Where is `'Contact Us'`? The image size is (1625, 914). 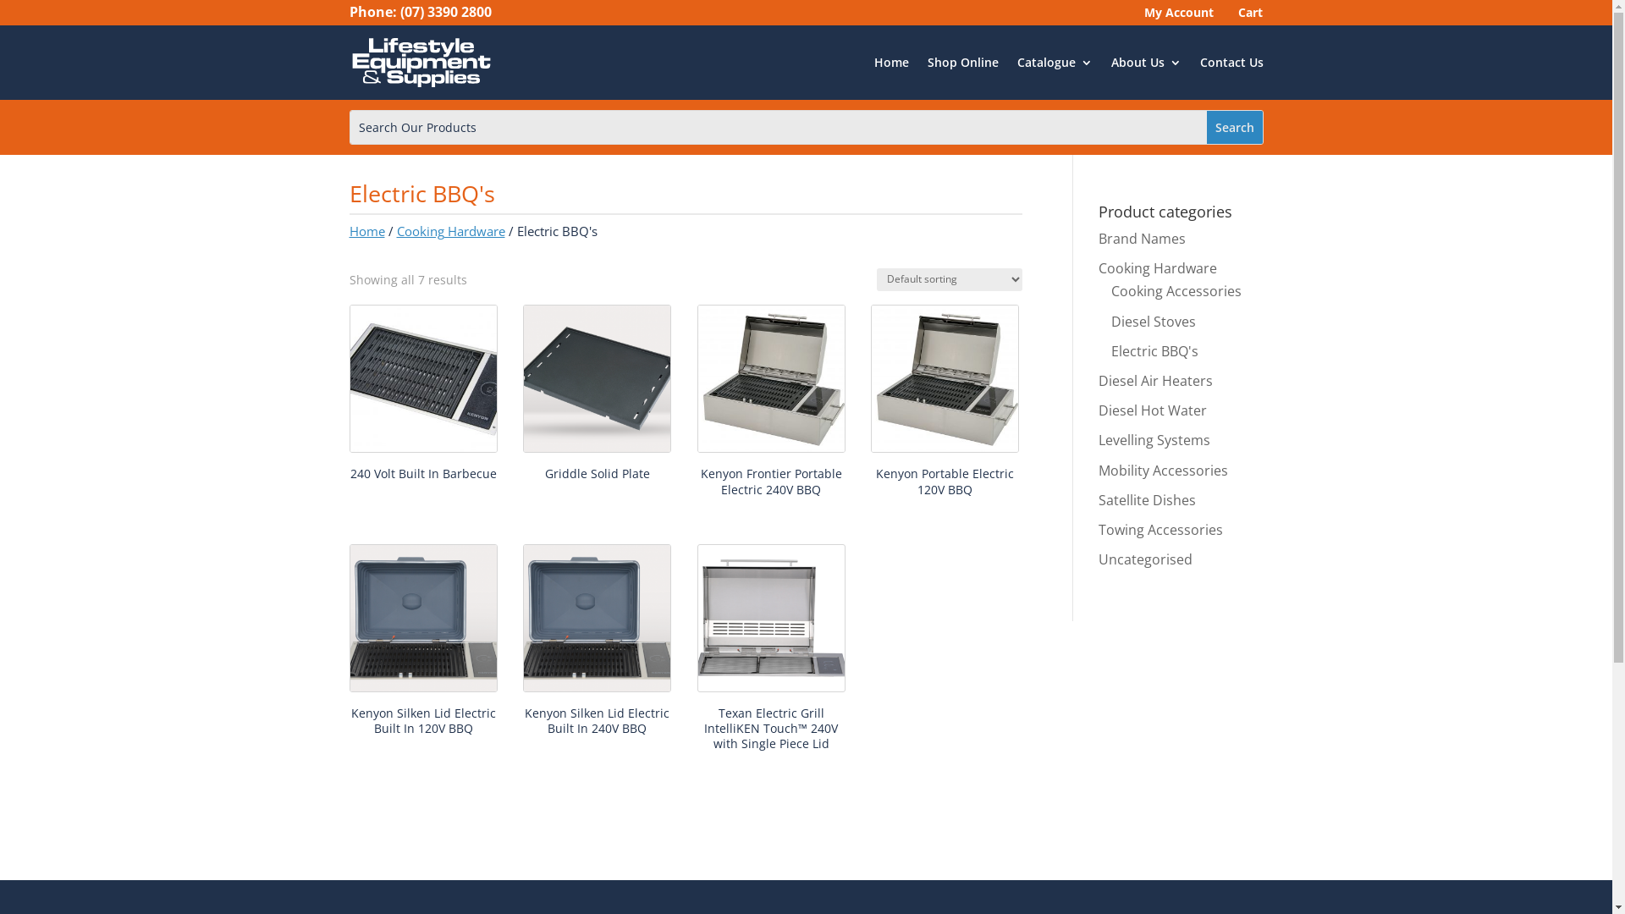 'Contact Us' is located at coordinates (1231, 61).